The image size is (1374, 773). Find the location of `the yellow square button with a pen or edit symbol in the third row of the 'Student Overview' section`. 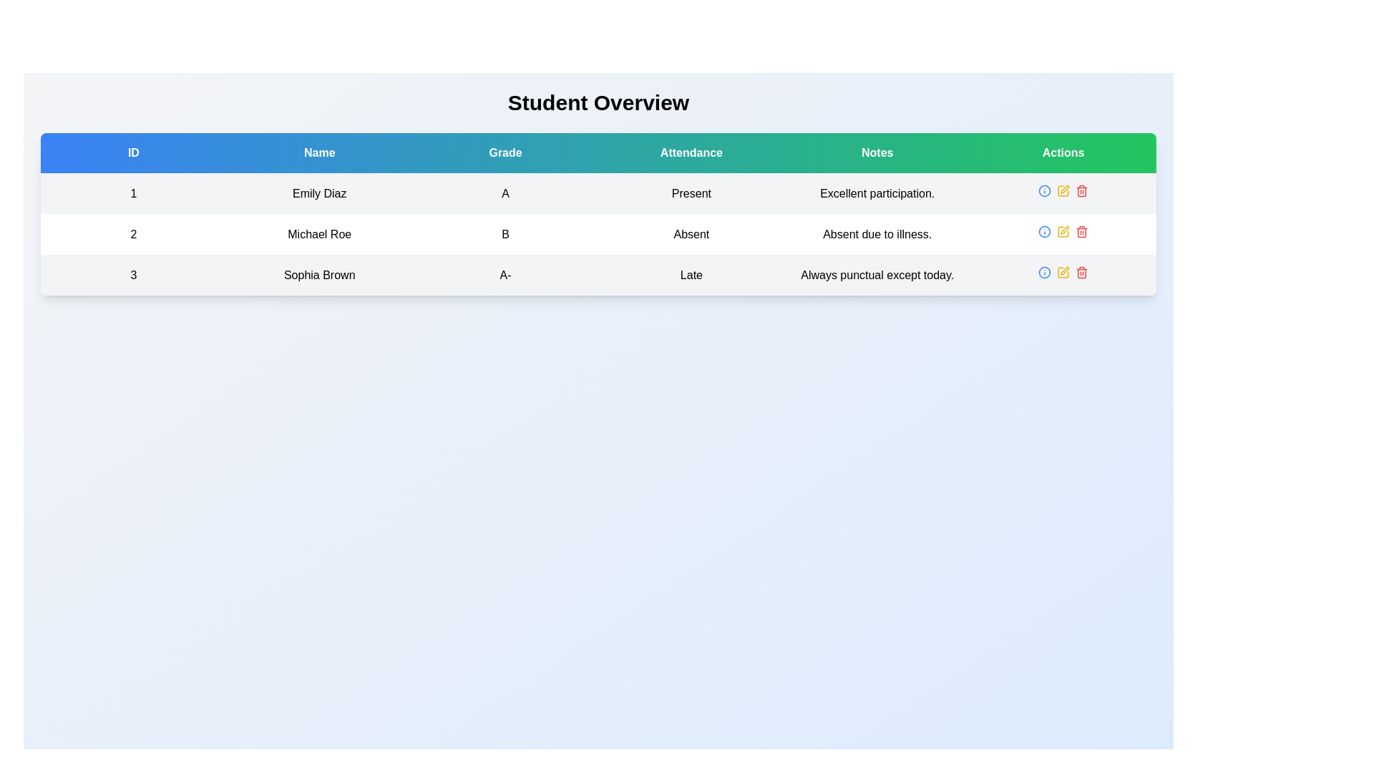

the yellow square button with a pen or edit symbol in the third row of the 'Student Overview' section is located at coordinates (1063, 273).